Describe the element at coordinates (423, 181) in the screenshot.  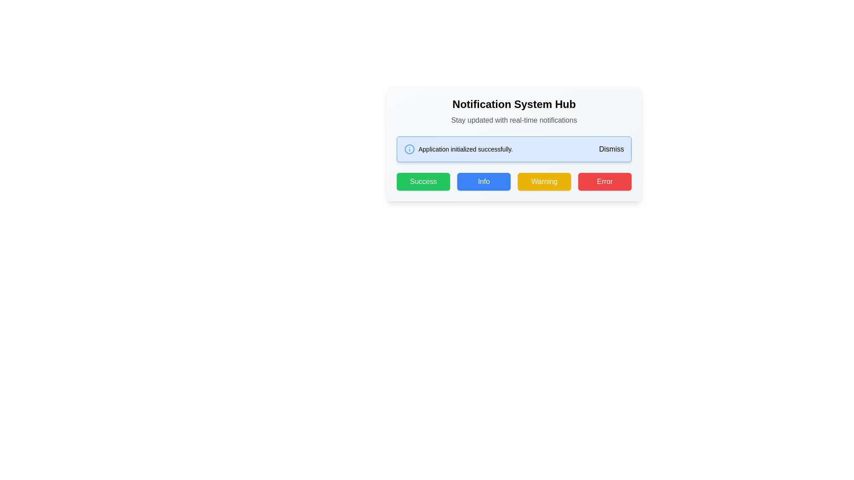
I see `the 'Success' button, which is a green rectangular button with white text and rounded edges, located below the notification message area in the 'Notification System Hub'` at that location.